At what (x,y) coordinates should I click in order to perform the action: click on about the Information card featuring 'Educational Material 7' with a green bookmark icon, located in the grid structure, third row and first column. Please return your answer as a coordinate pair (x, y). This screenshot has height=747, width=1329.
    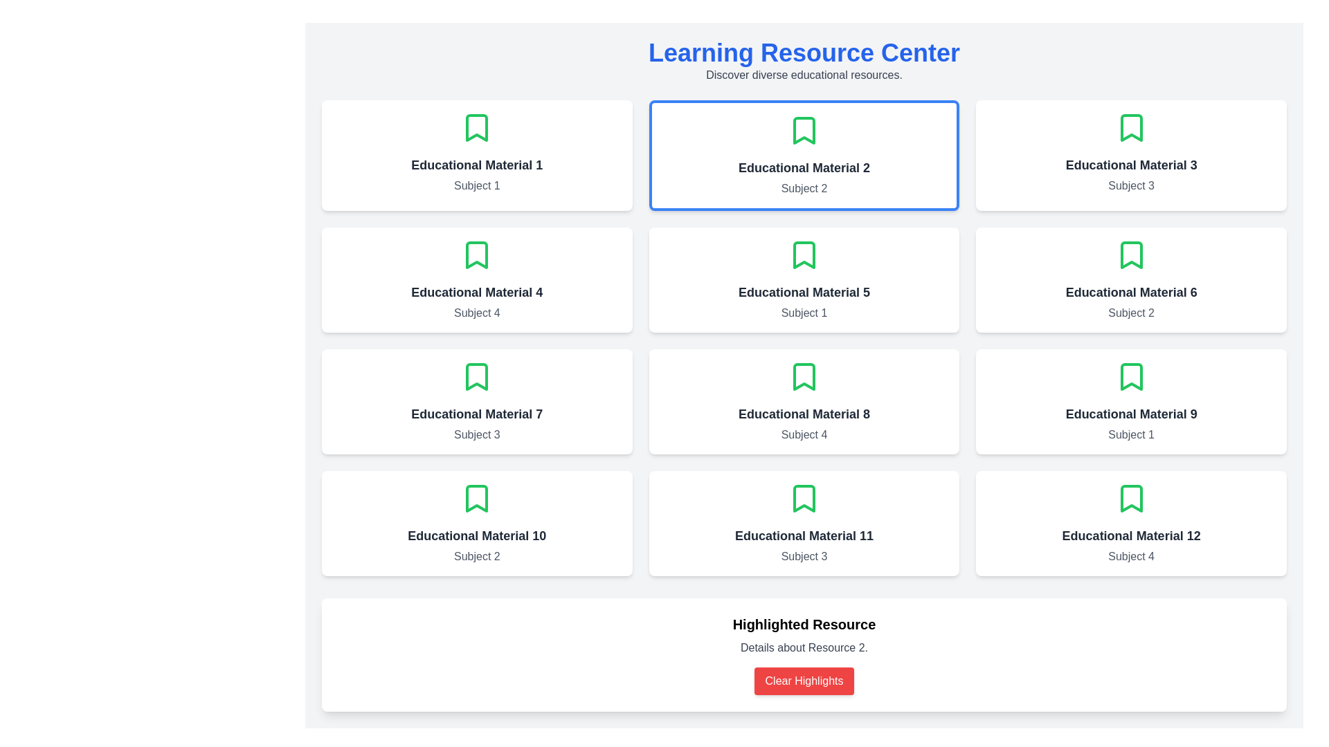
    Looking at the image, I should click on (477, 402).